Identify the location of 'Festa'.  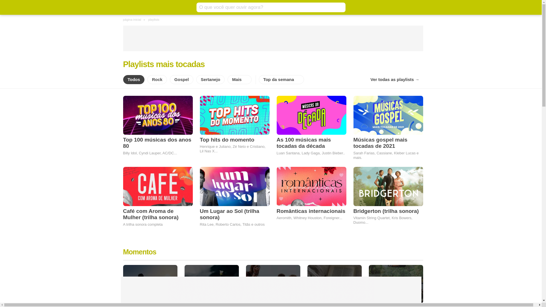
(272, 284).